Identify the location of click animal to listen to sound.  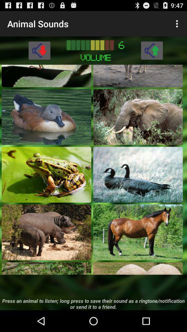
(46, 174).